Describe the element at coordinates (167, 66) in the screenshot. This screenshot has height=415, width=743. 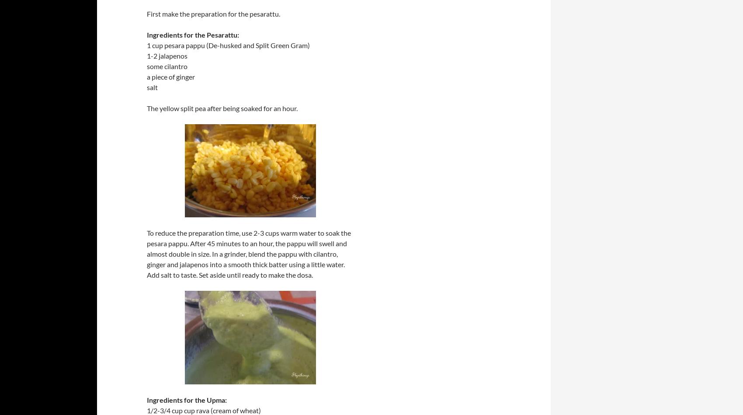
I see `'some cilantro'` at that location.